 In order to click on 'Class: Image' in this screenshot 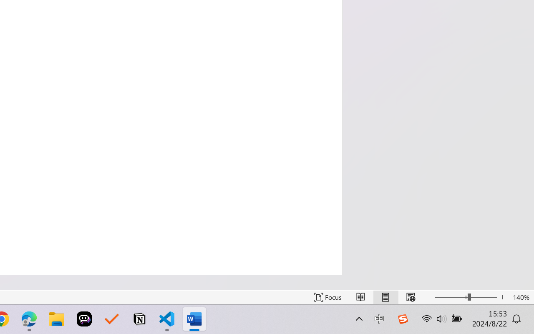, I will do `click(403, 319)`.